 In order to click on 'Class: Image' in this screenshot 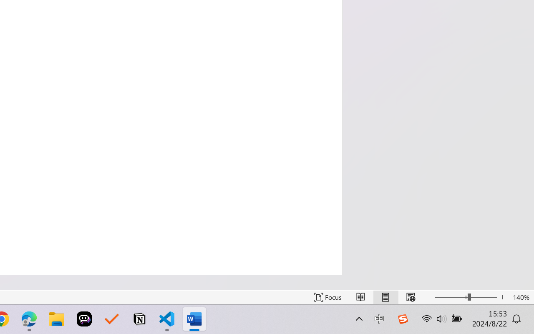, I will do `click(403, 319)`.